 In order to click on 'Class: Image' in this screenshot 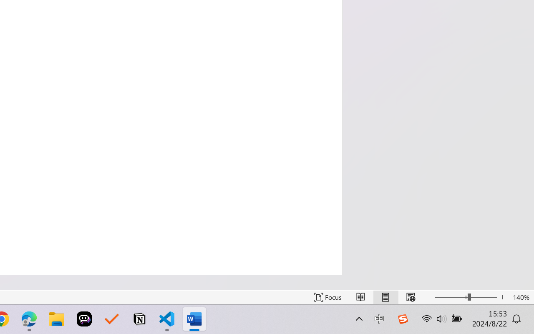, I will do `click(403, 319)`.